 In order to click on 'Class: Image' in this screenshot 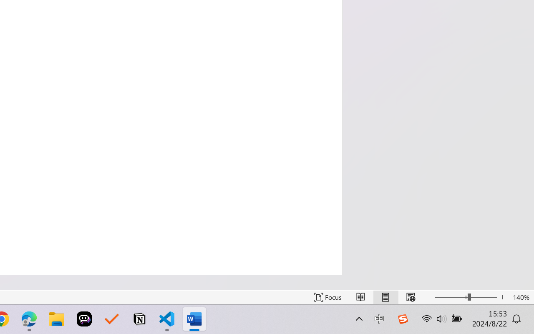, I will do `click(403, 319)`.